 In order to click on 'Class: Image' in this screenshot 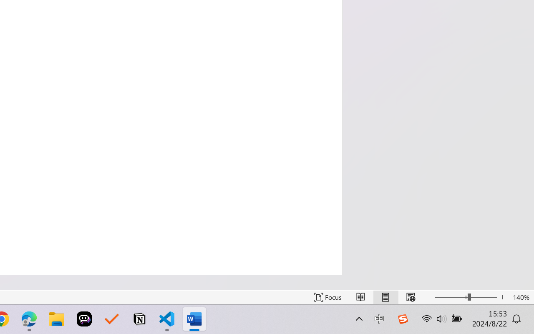, I will do `click(403, 319)`.